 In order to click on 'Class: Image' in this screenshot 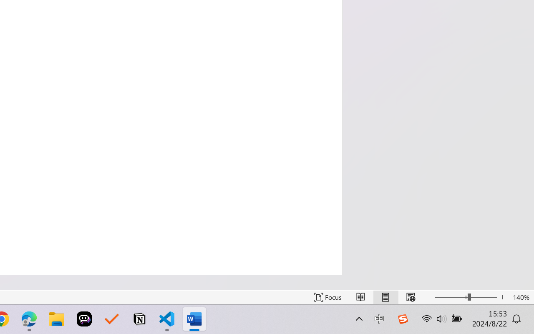, I will do `click(403, 319)`.